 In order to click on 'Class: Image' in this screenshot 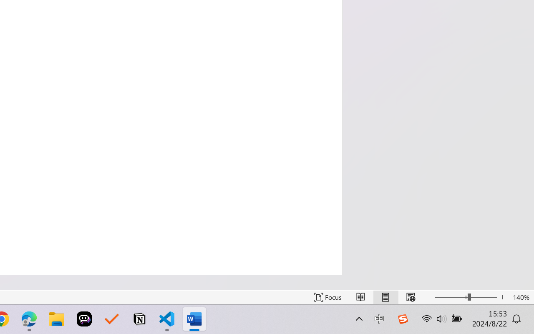, I will do `click(403, 319)`.